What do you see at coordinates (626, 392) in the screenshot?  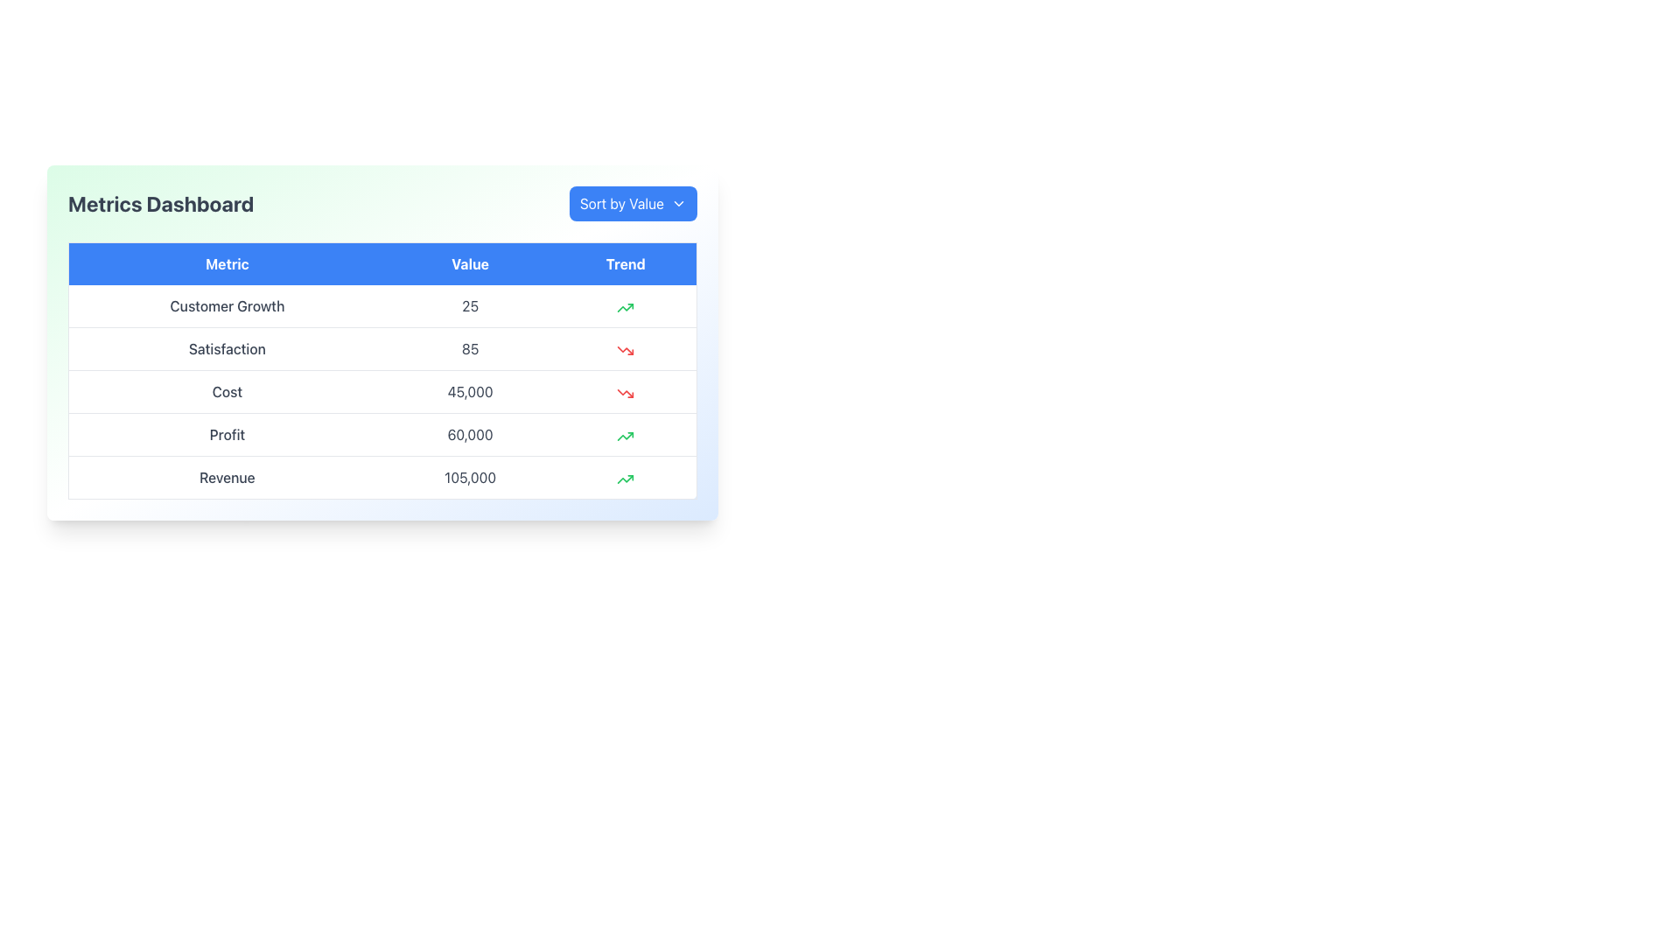 I see `the red downward arrow icon representing a downward trend for the 'Cost' metric in the table located in the 'Trend' column` at bounding box center [626, 392].